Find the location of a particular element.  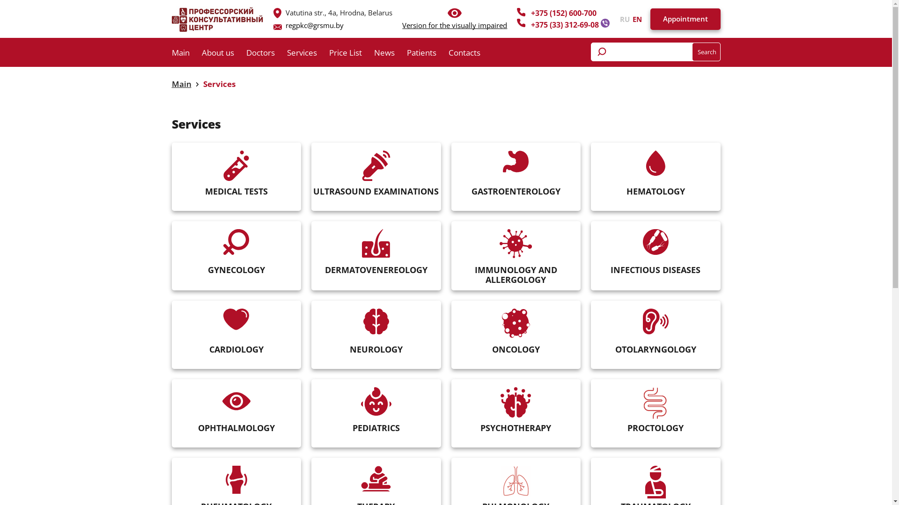

'Ultrasound examinations' is located at coordinates (376, 165).